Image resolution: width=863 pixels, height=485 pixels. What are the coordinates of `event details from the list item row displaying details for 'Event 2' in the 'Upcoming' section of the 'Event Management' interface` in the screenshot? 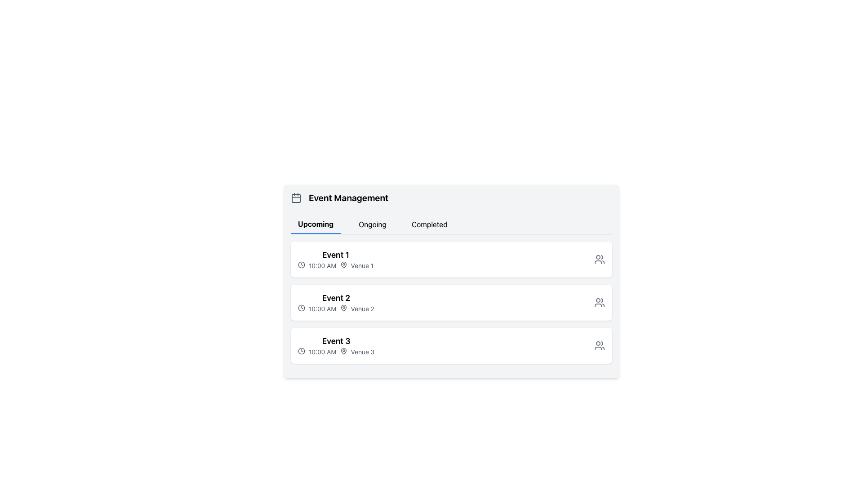 It's located at (451, 303).